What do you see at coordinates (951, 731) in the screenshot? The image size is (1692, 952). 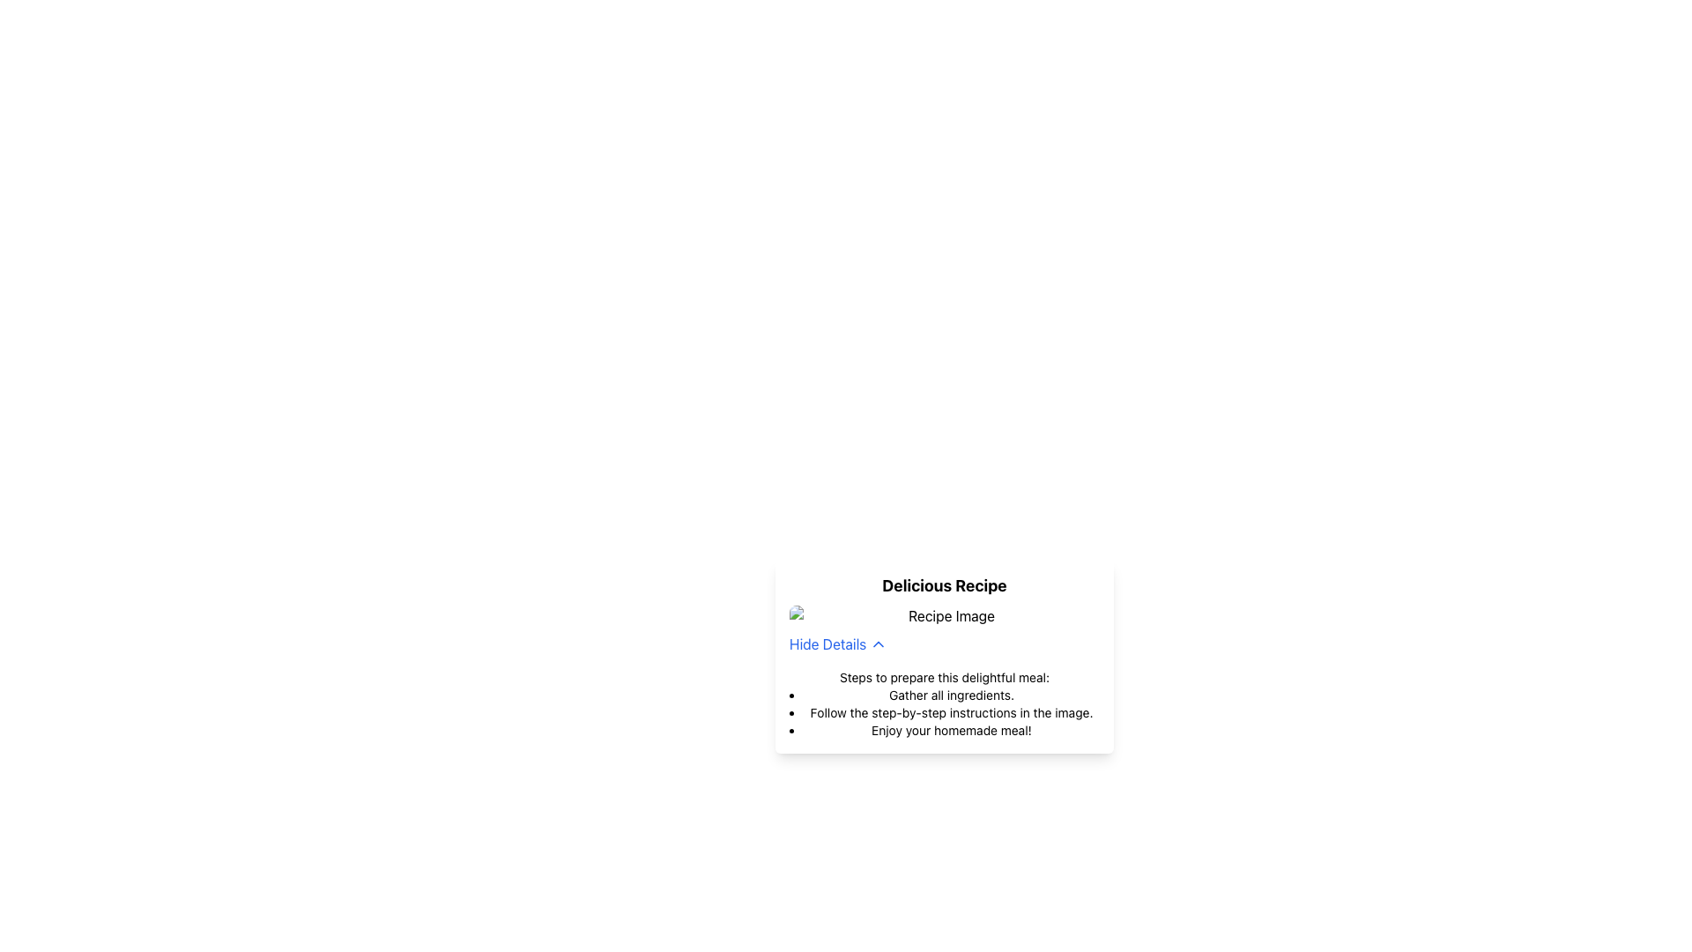 I see `the static instructional text, which is the last item in a bulleted list providing cooking instructions, located centrally towards the lower part of the interface` at bounding box center [951, 731].